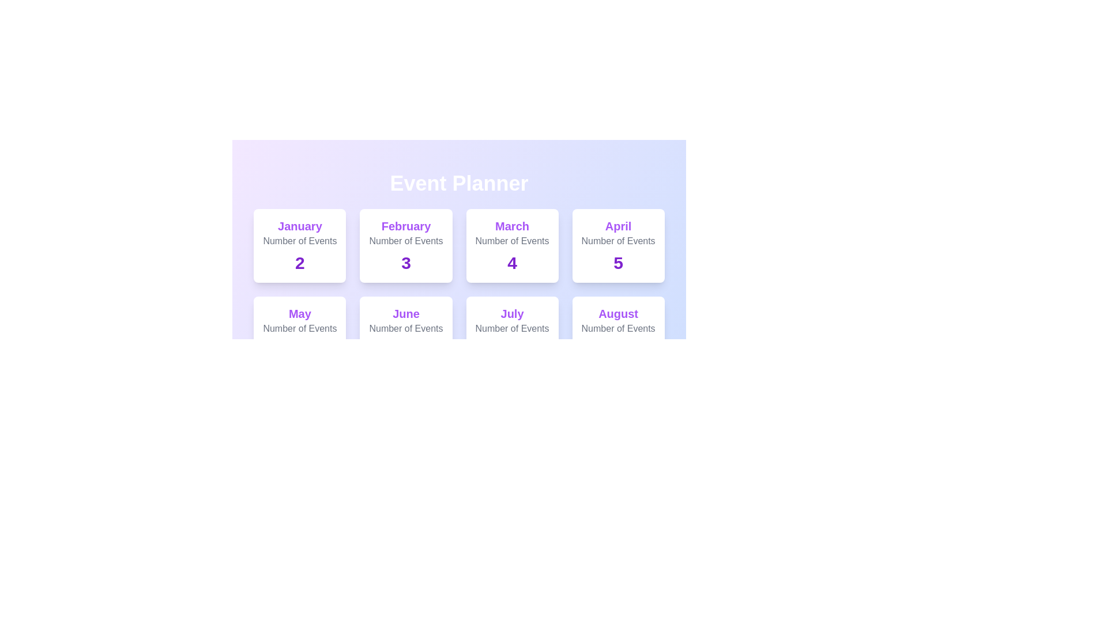  I want to click on the card representing June to view its details, so click(406, 333).